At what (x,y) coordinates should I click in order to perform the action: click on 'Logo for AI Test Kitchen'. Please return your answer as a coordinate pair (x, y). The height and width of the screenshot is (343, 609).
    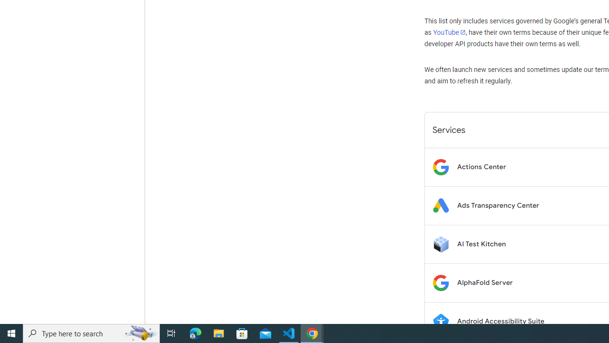
    Looking at the image, I should click on (440, 243).